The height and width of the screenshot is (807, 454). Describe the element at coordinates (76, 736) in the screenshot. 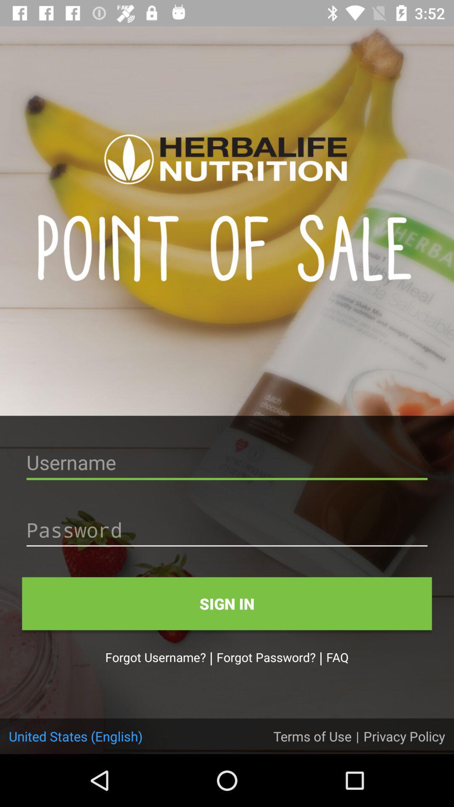

I see `the item to the left of terms of use` at that location.